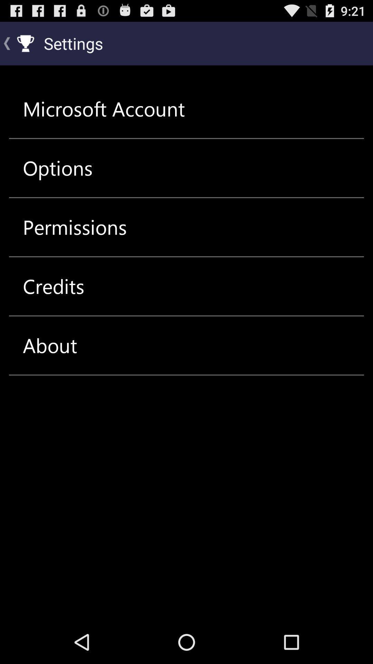 This screenshot has width=373, height=664. I want to click on icon above options item, so click(104, 109).